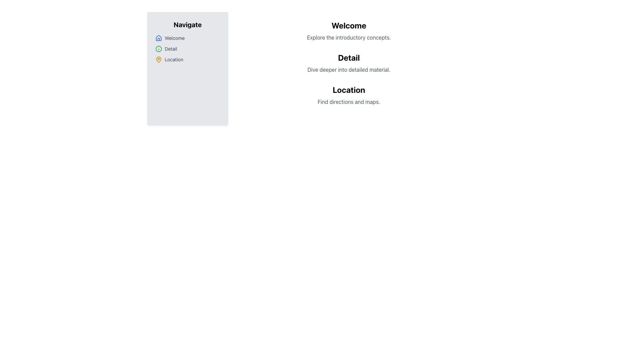 Image resolution: width=643 pixels, height=362 pixels. I want to click on text from the Text Label element that contains 'Find directions and maps.', which is styled with a gray font color and positioned directly below the bold heading 'Location.', so click(348, 102).